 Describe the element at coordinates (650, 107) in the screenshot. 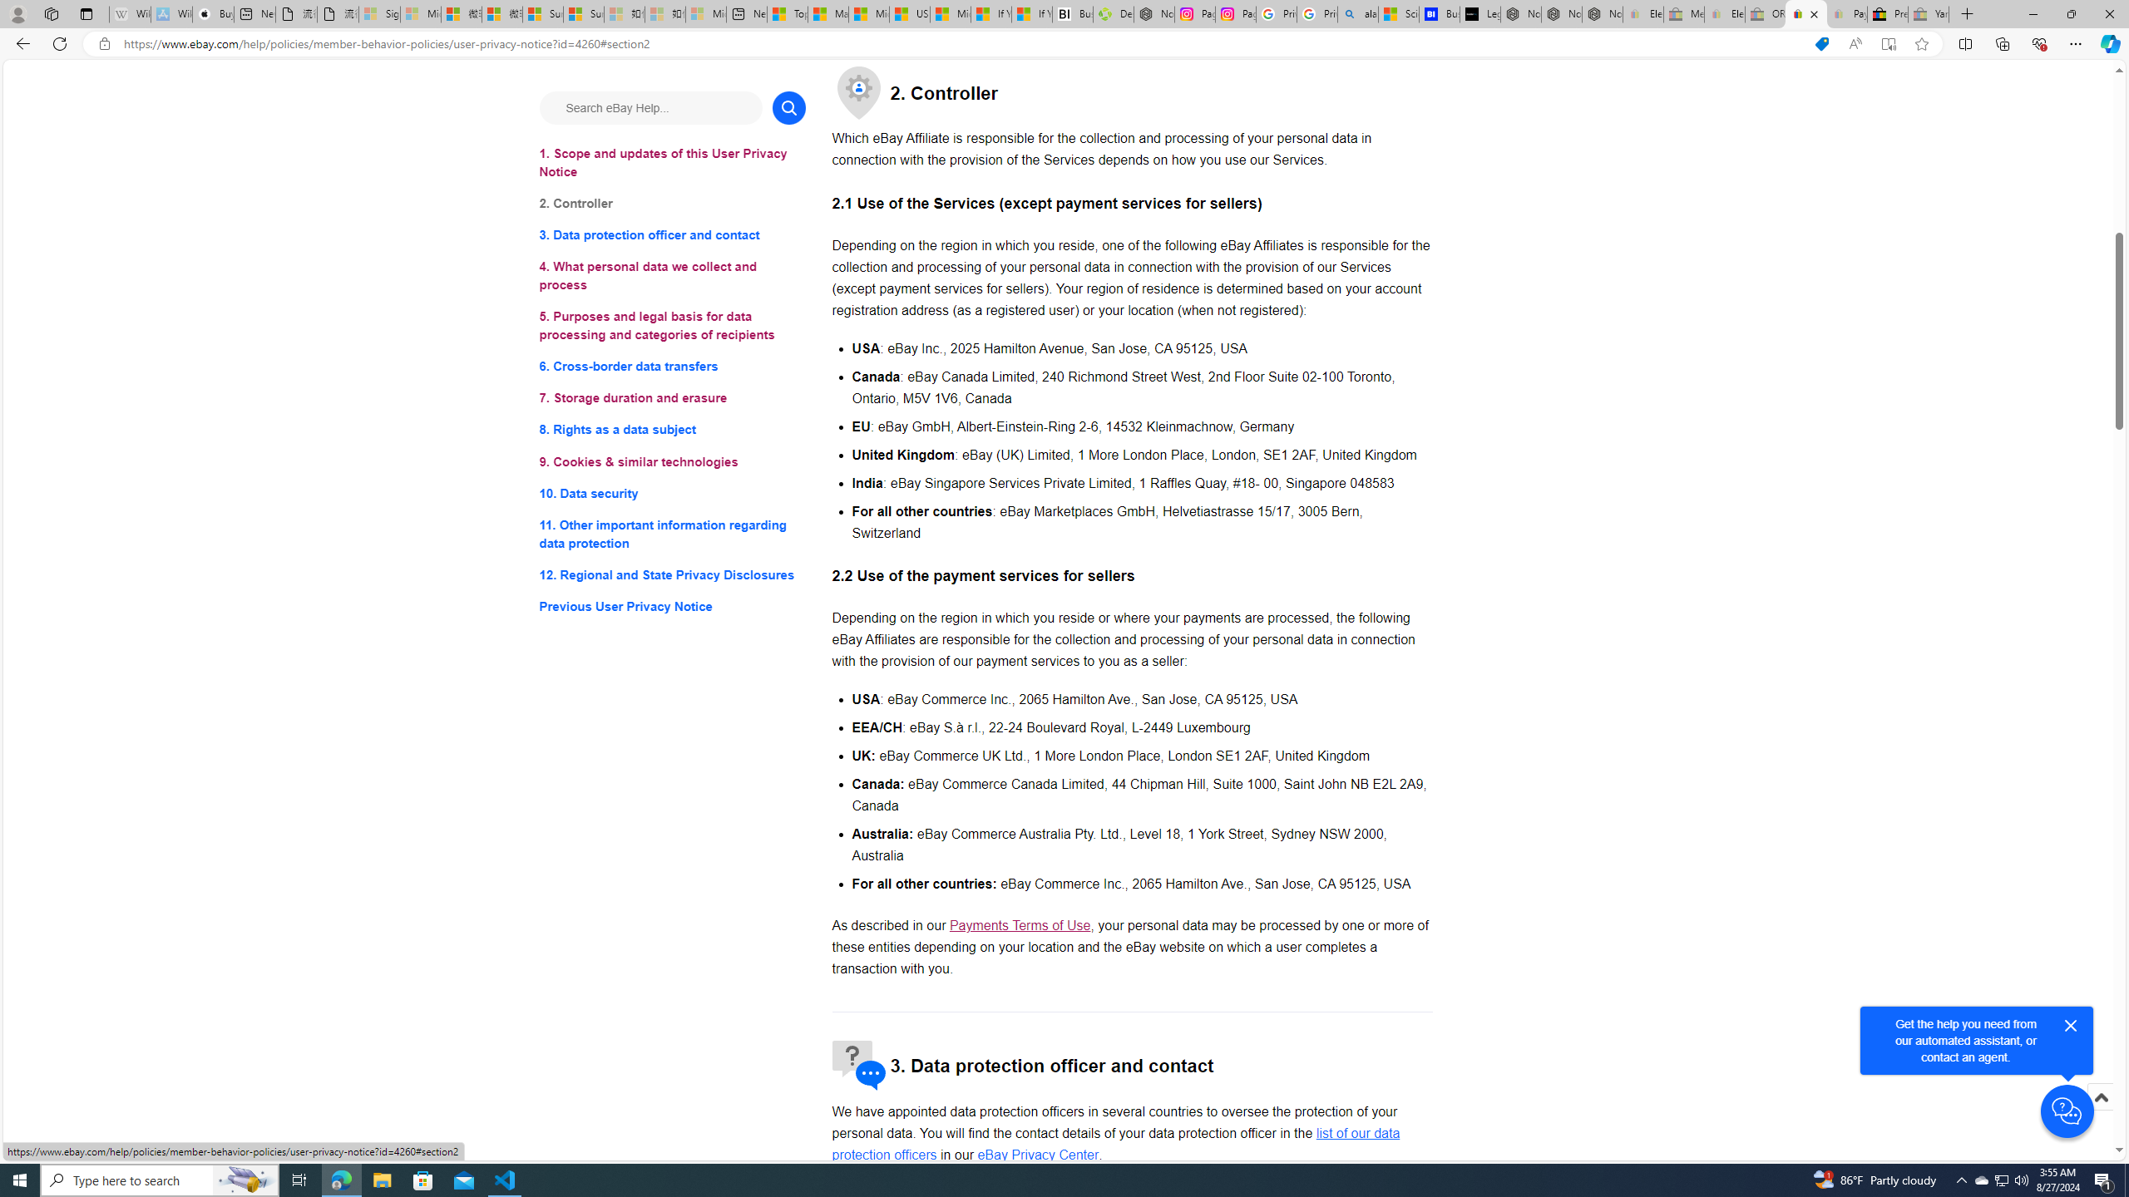

I see `'Search eBay Help...'` at that location.